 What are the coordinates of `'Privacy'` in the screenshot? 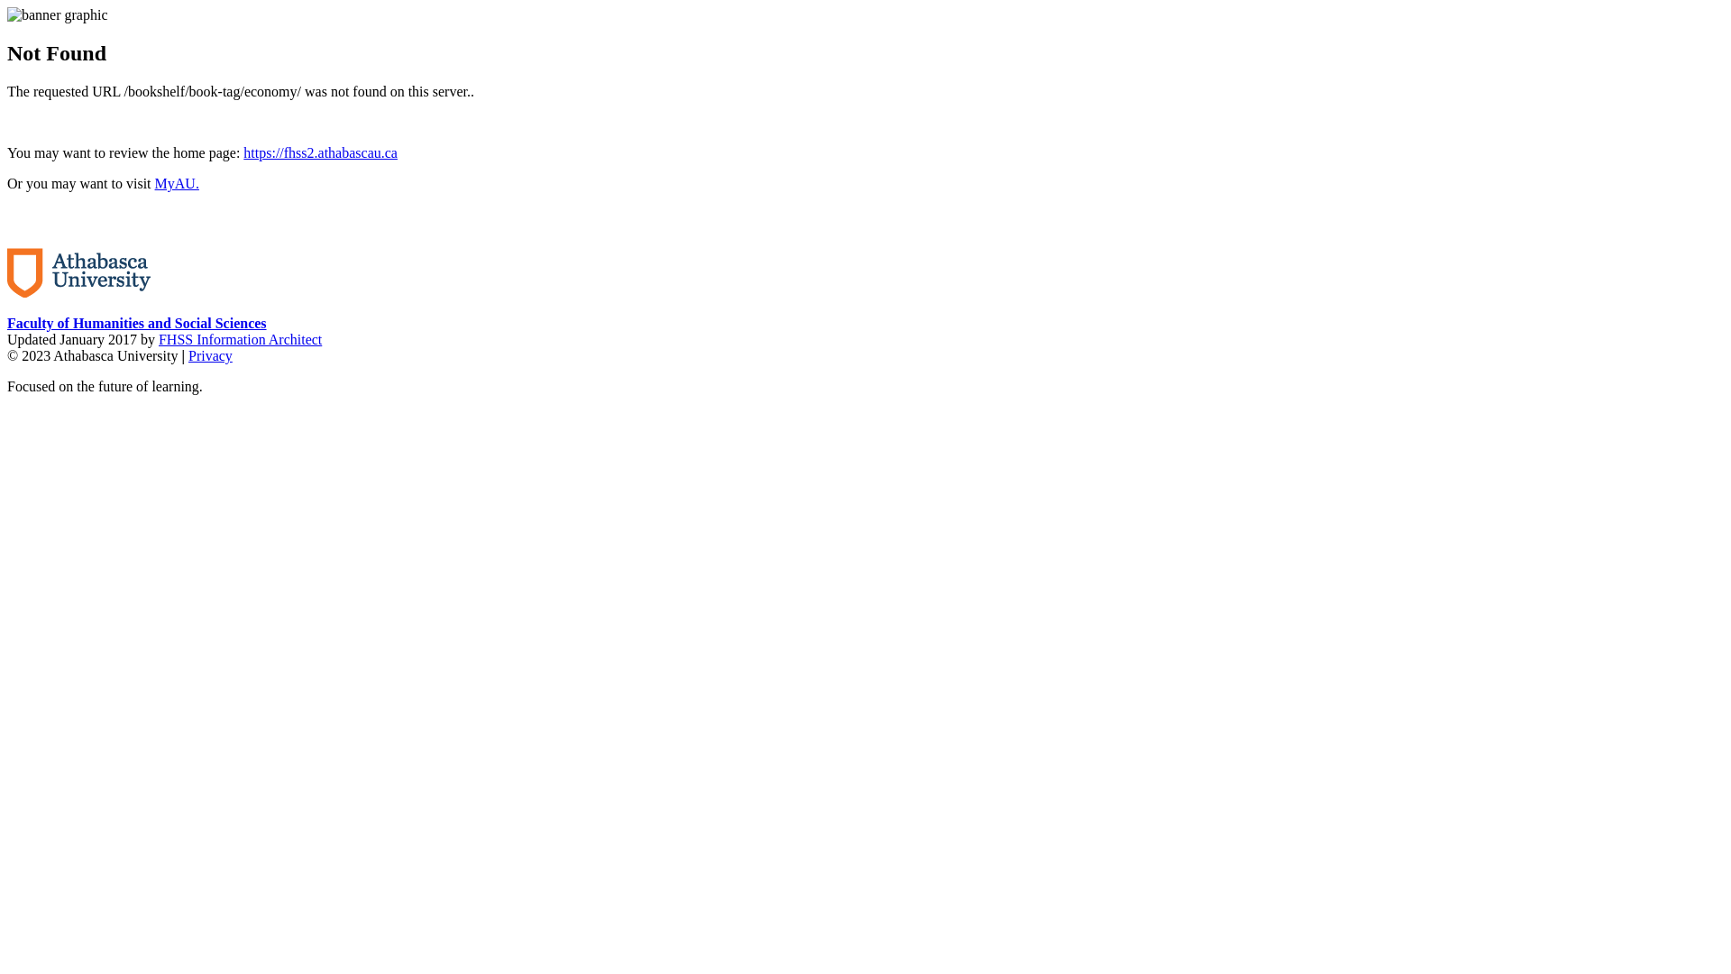 It's located at (210, 355).